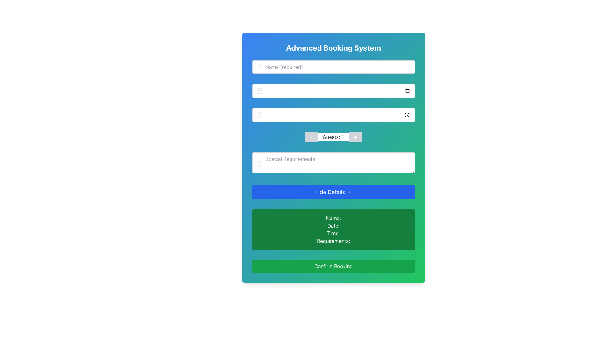  I want to click on the leftmost button in the guest count control group to decrease the guest count, so click(311, 136).